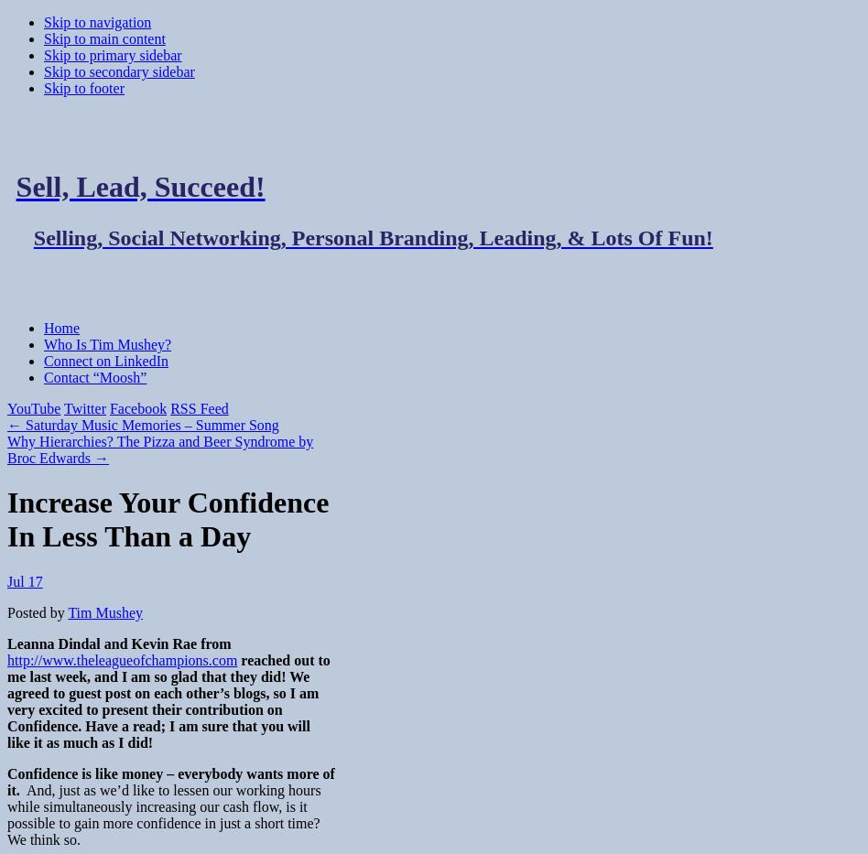 This screenshot has height=854, width=868. Describe the element at coordinates (167, 518) in the screenshot. I see `'Increase Your Confidence In Less Than a Day'` at that location.